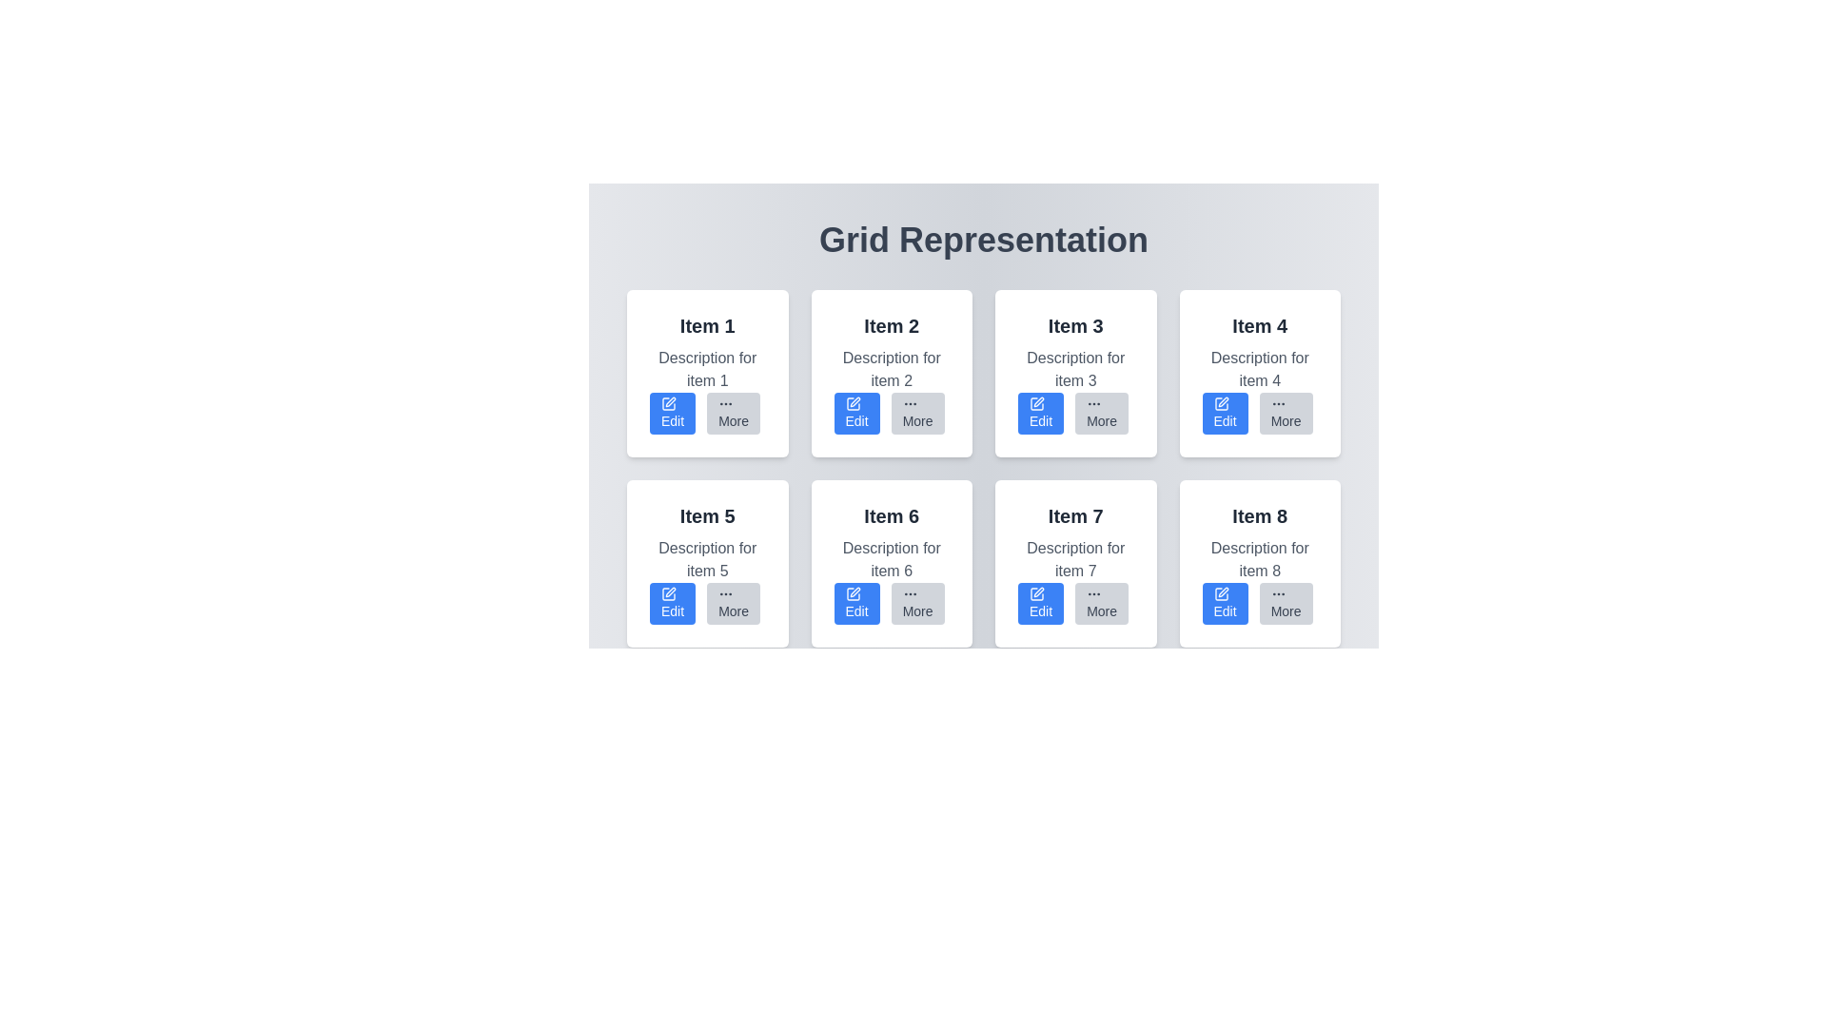 This screenshot has width=1827, height=1027. I want to click on the 'More' button icon for the card labeled 'Item 4' located at the bottom-right corner of the card, so click(1278, 402).